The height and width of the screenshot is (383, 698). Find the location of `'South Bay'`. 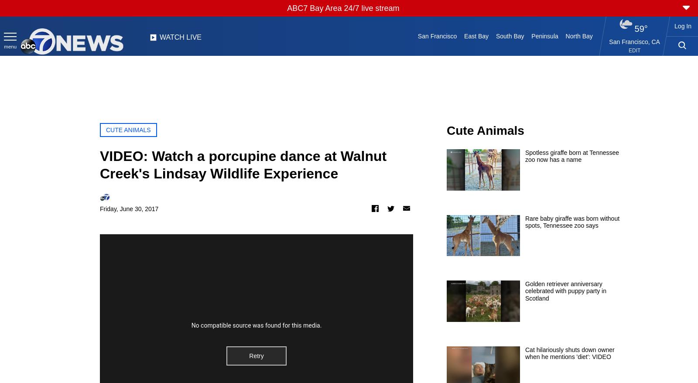

'South Bay' is located at coordinates (510, 36).